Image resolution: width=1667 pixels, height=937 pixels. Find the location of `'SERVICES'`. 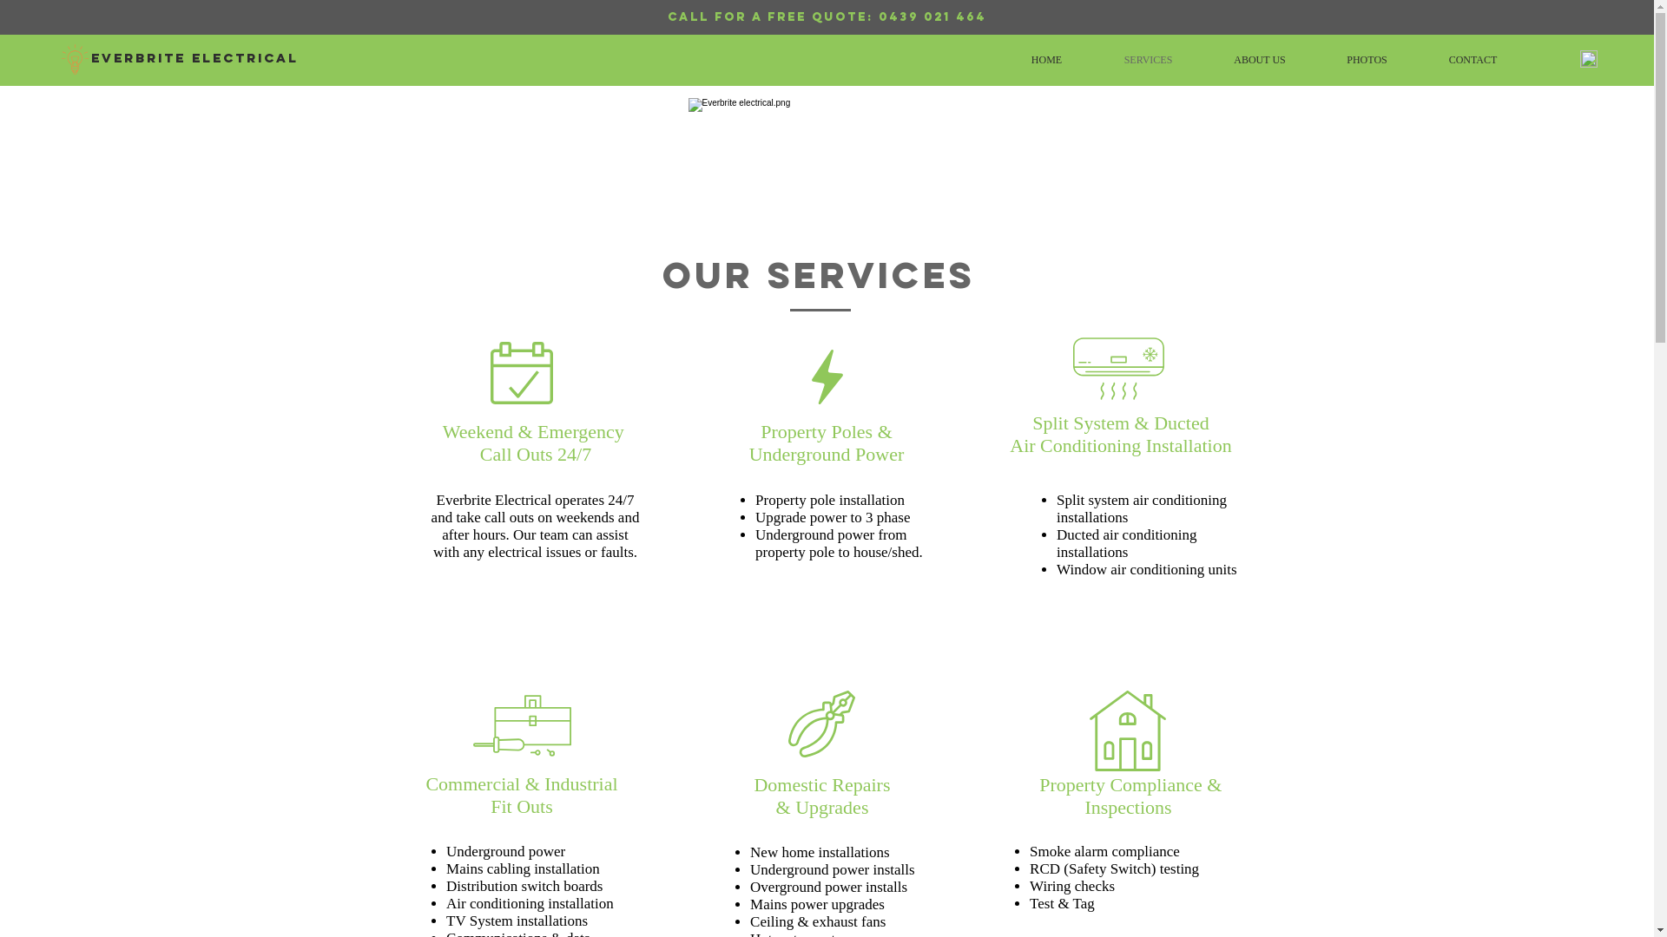

'SERVICES' is located at coordinates (1148, 59).